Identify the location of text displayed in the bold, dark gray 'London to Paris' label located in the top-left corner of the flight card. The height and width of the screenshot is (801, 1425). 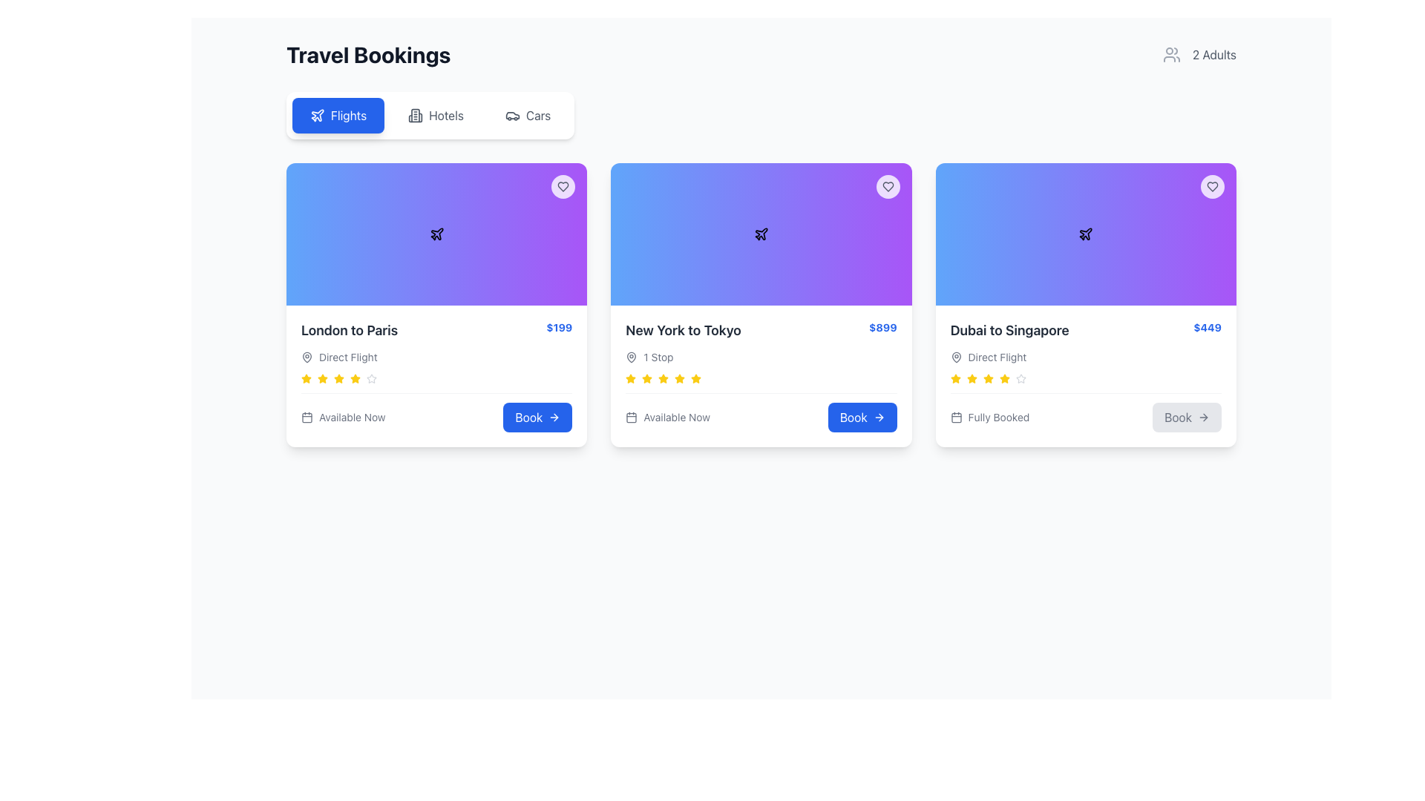
(349, 330).